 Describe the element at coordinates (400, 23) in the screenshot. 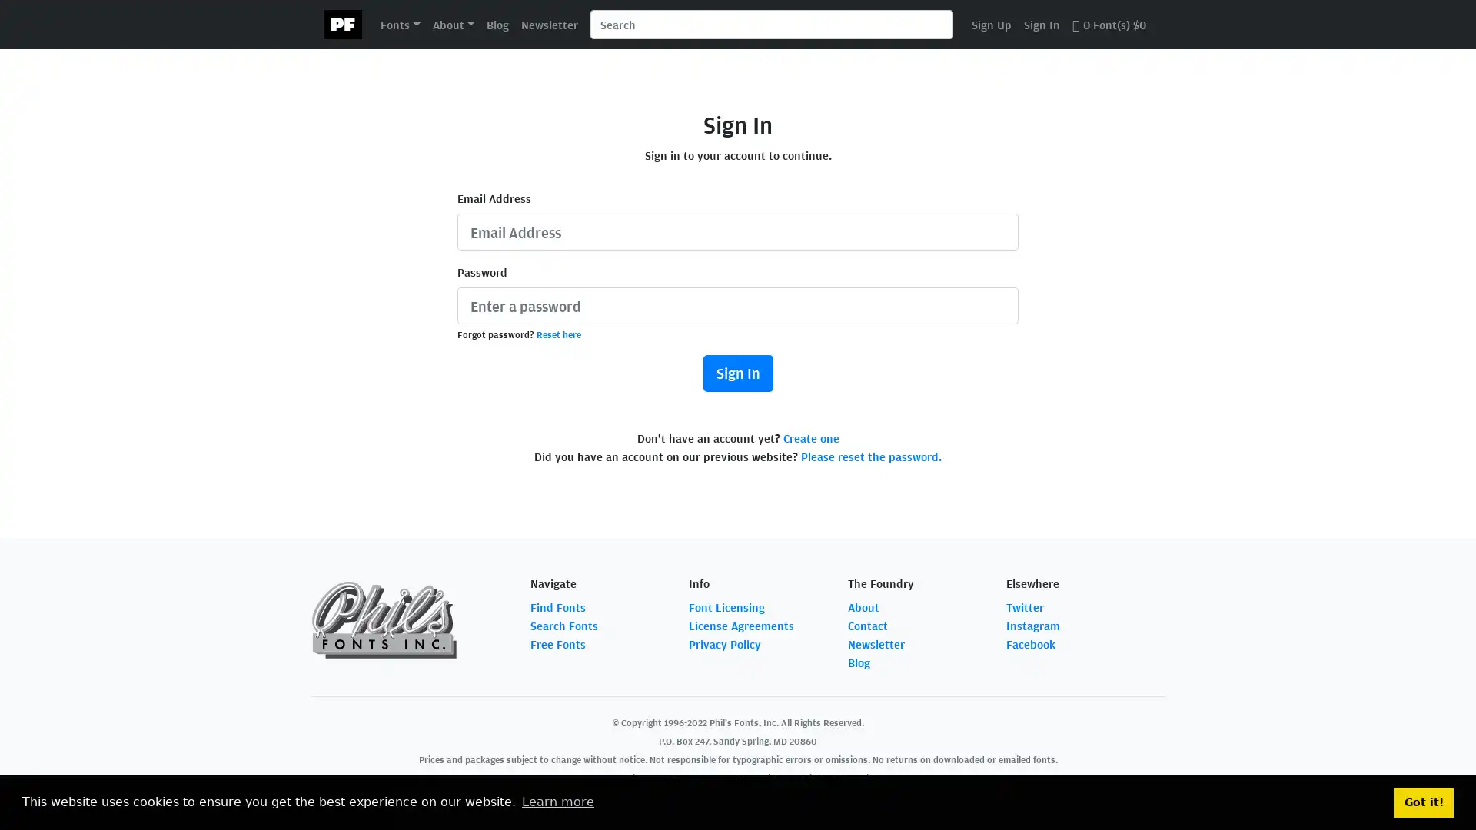

I see `Fonts` at that location.